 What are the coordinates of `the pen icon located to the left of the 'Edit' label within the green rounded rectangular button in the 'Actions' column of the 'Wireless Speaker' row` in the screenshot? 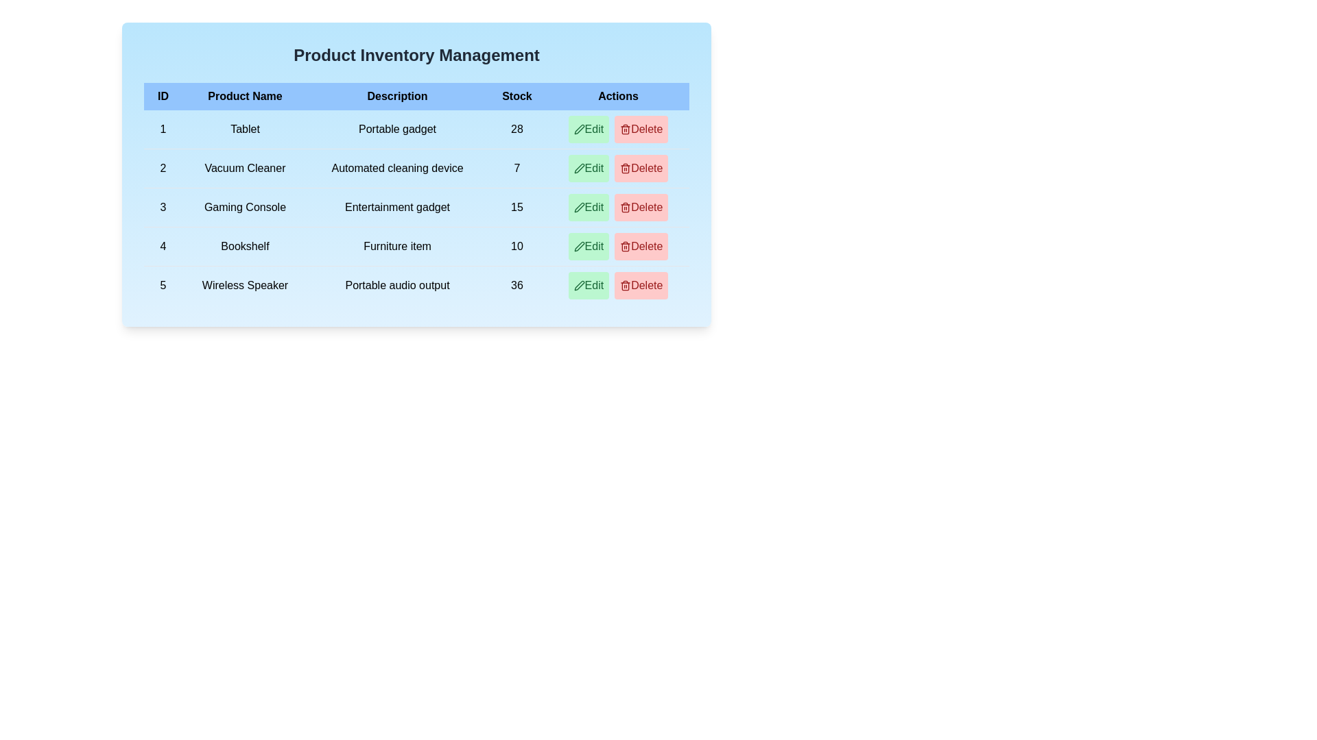 It's located at (579, 284).